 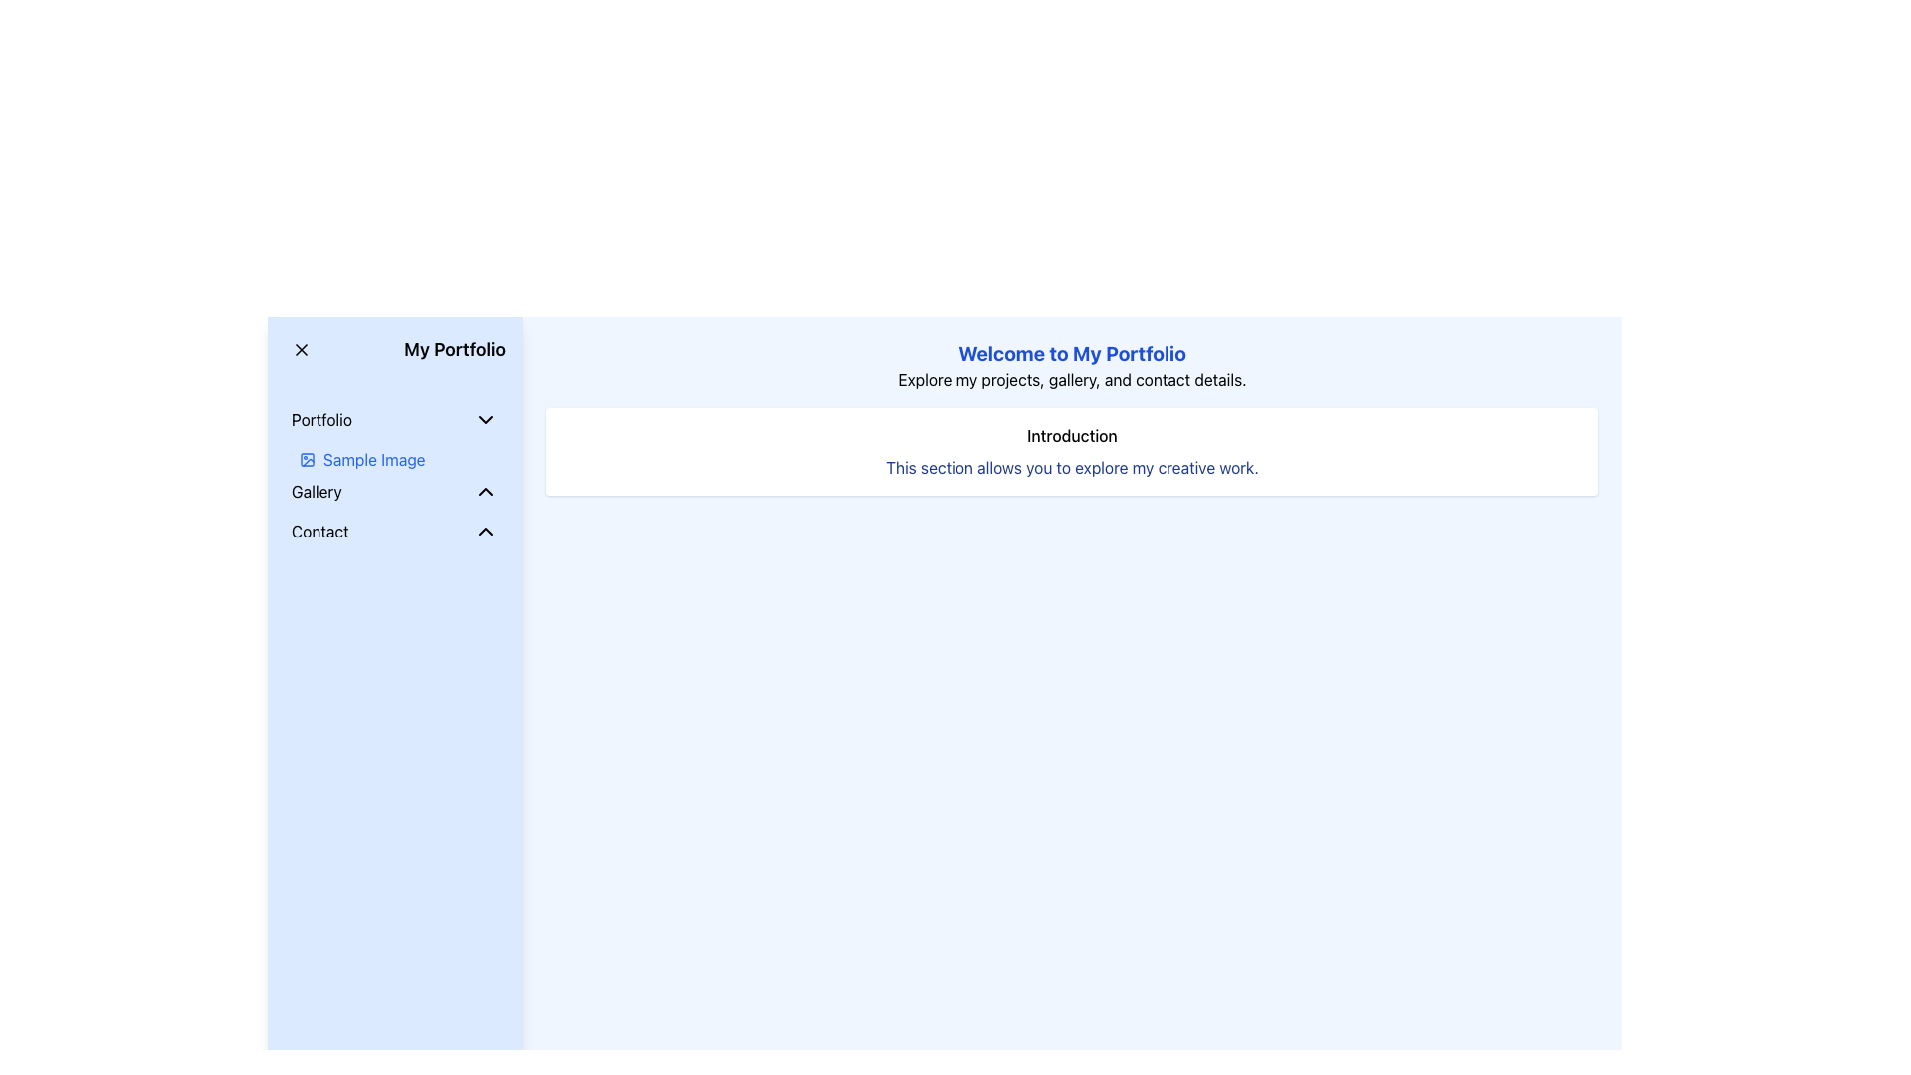 What do you see at coordinates (1071, 468) in the screenshot?
I see `the text label that reads 'This section allows you` at bounding box center [1071, 468].